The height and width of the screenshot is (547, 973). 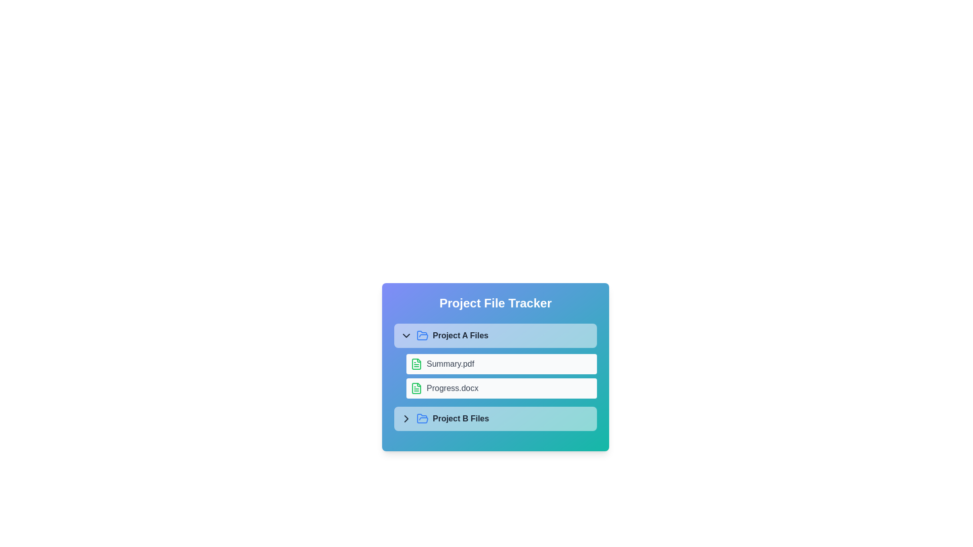 I want to click on the folder icon for Project A Files to toggle its contents, so click(x=423, y=336).